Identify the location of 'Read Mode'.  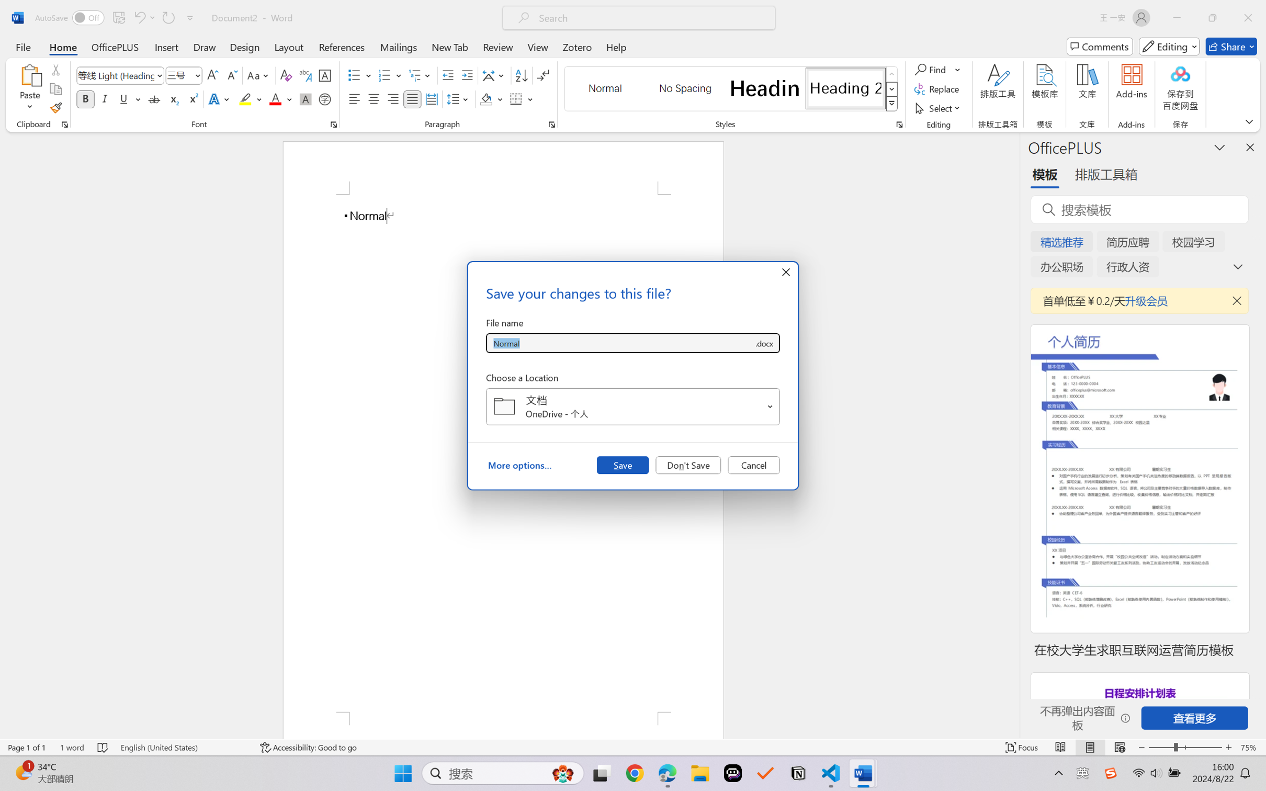
(1060, 747).